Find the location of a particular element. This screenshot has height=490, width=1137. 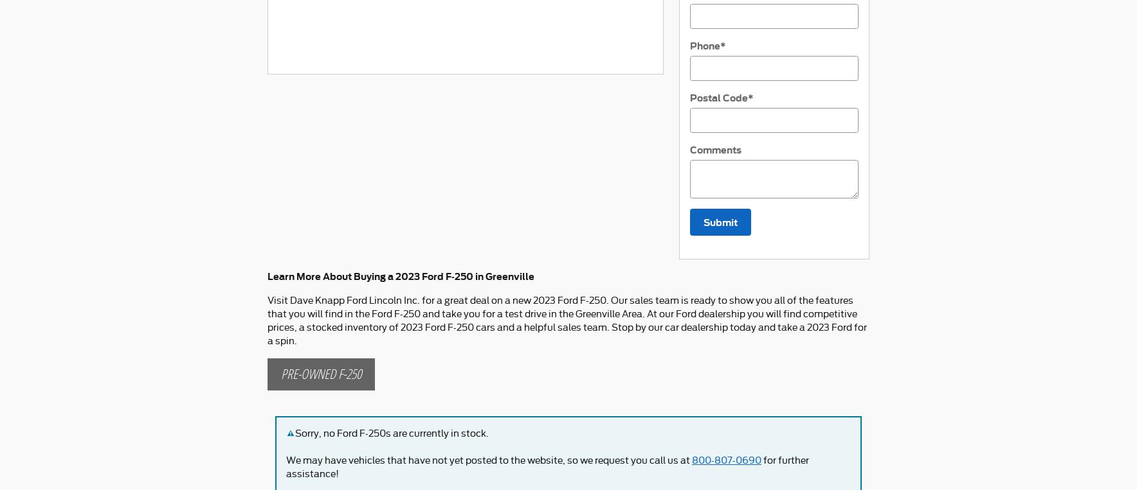

'800-807-0690' is located at coordinates (726, 460).